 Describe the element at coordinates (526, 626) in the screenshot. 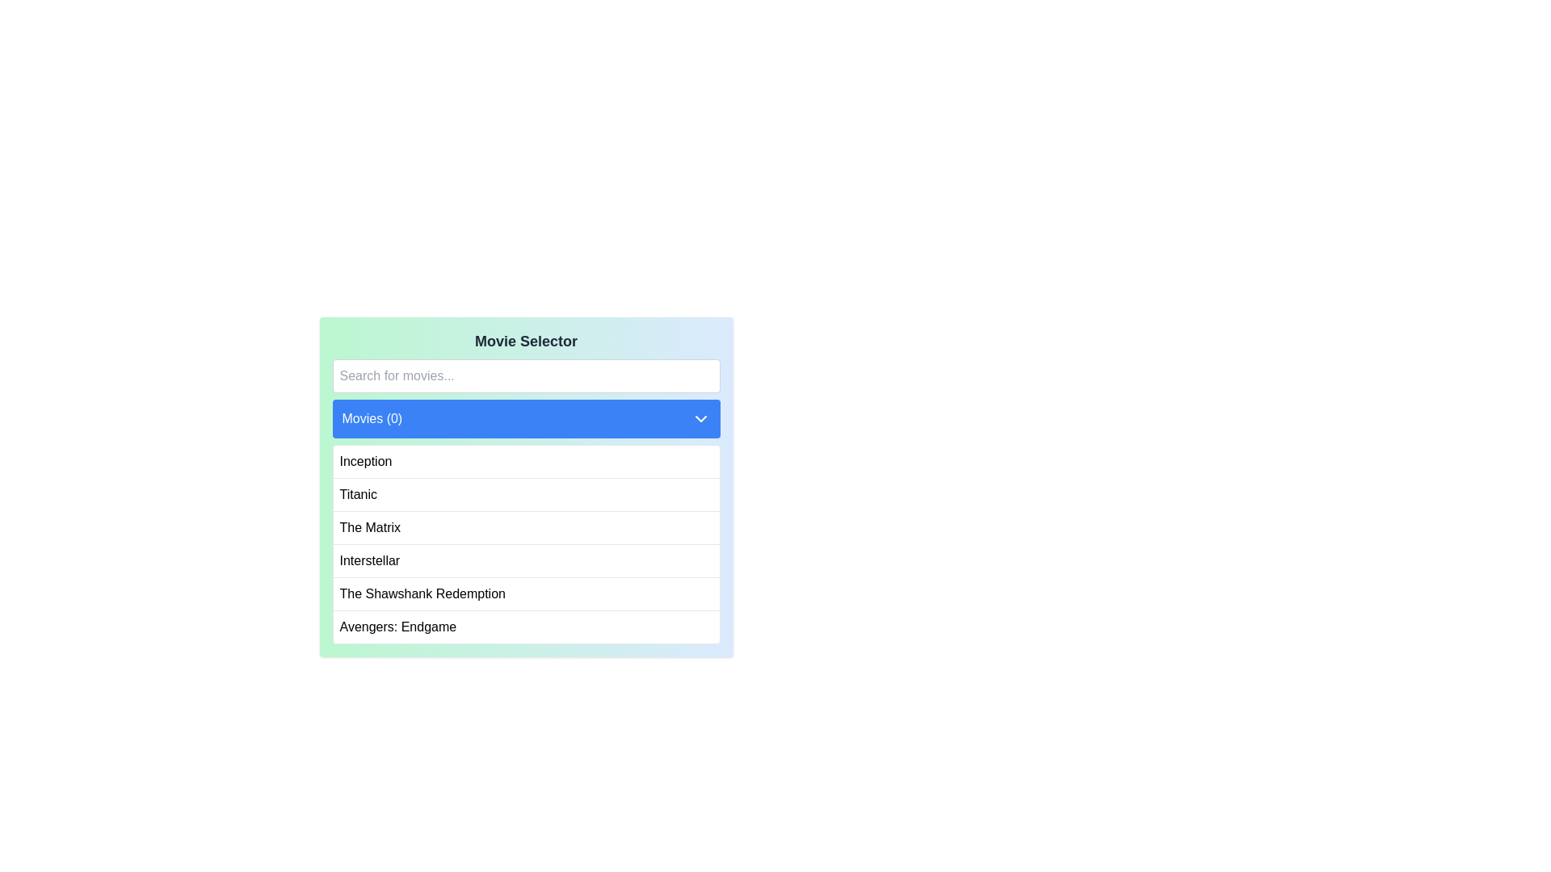

I see `the selectable row in the dropdown list for the movie 'Avengers: Endgame', which is the last item in the 'Movie Selector' dropdown` at that location.